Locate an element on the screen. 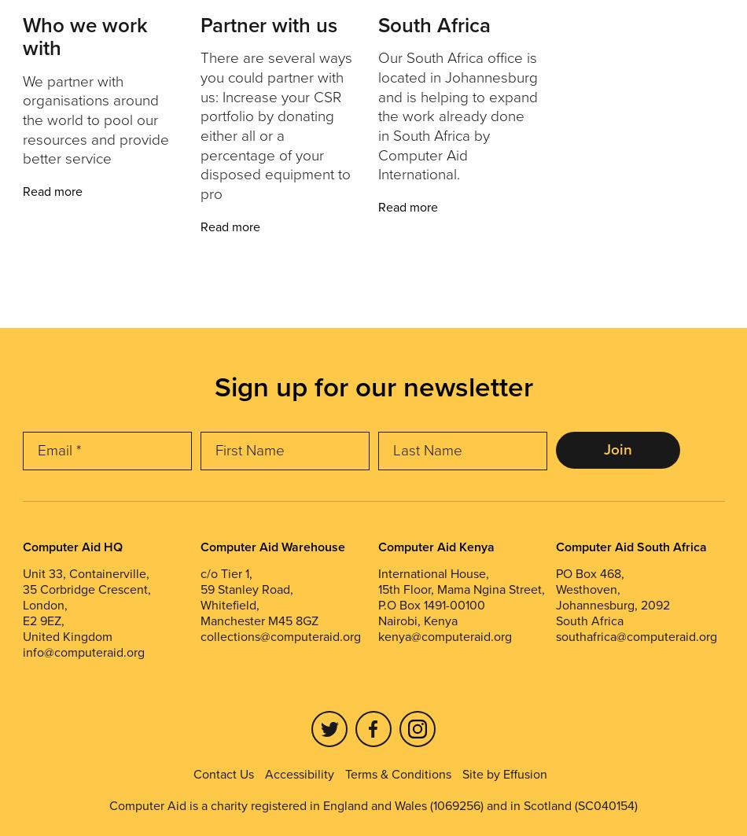 This screenshot has width=747, height=836. '15th Floor, Mama Ngina Street,' is located at coordinates (460, 588).